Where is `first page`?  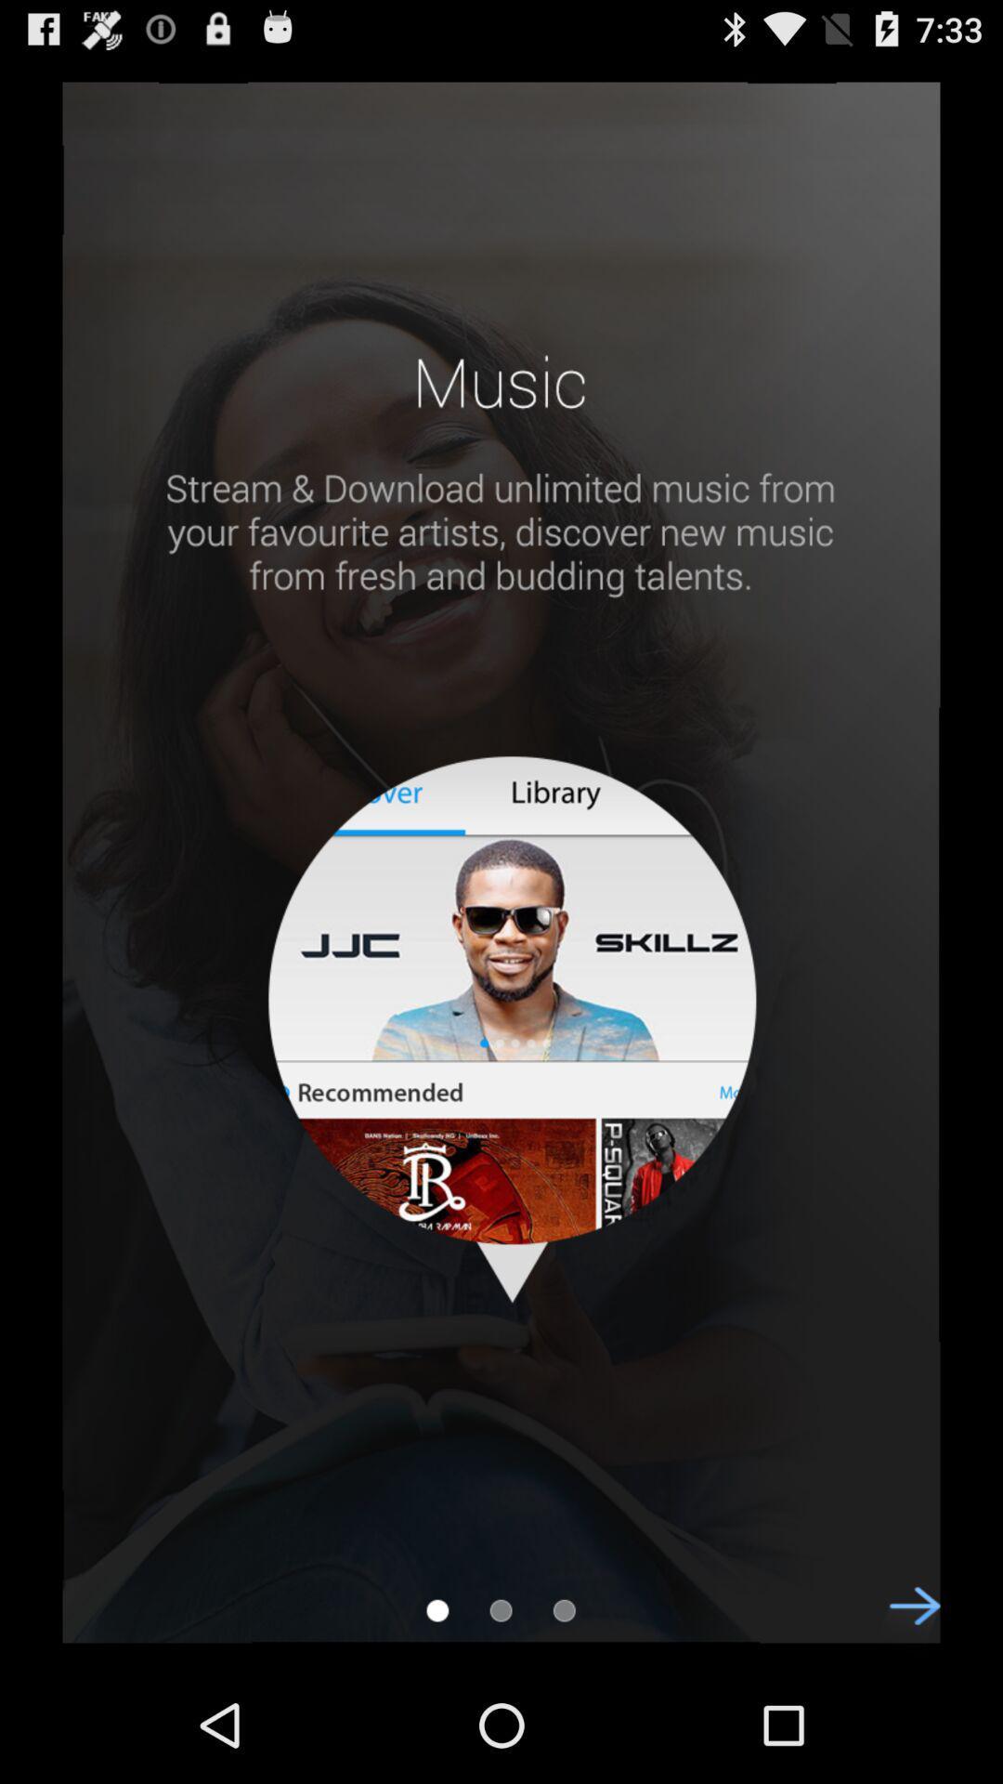
first page is located at coordinates (437, 1609).